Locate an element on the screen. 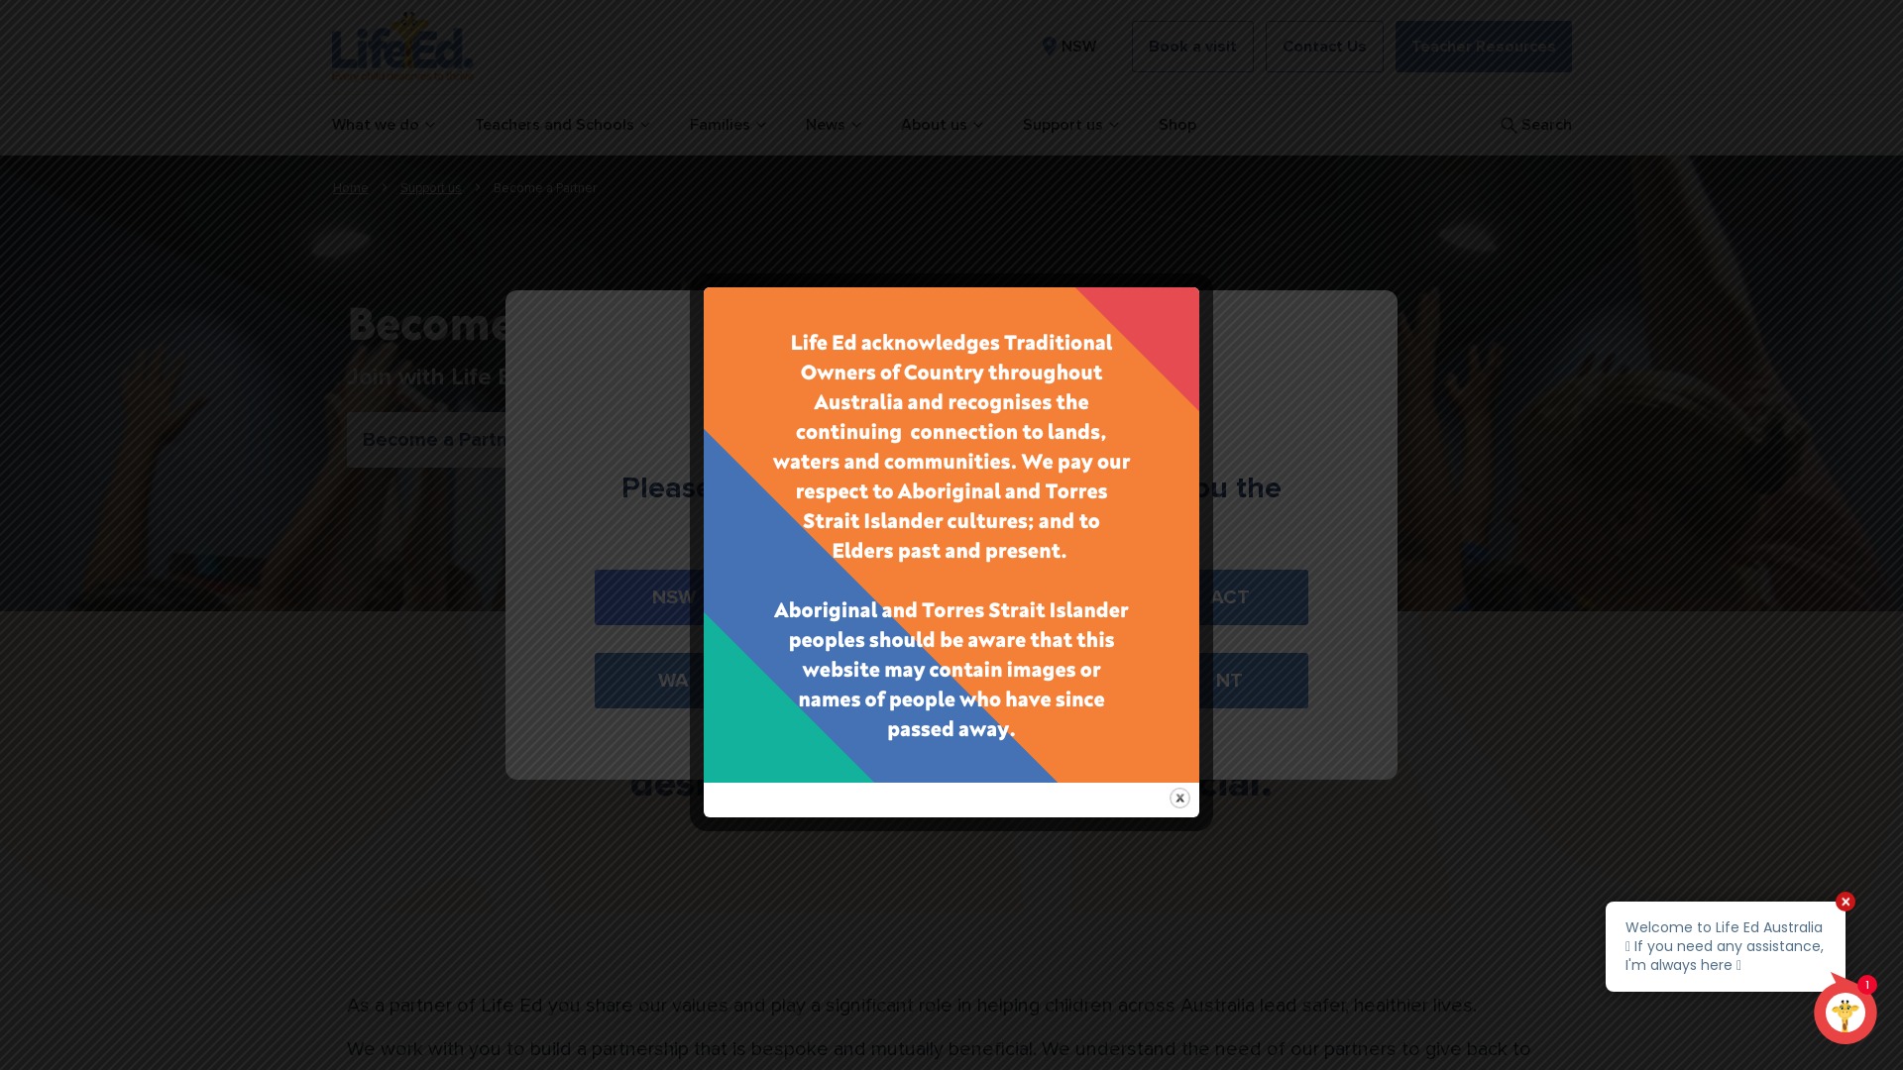 The height and width of the screenshot is (1070, 1903). 'Support us' is located at coordinates (1069, 125).